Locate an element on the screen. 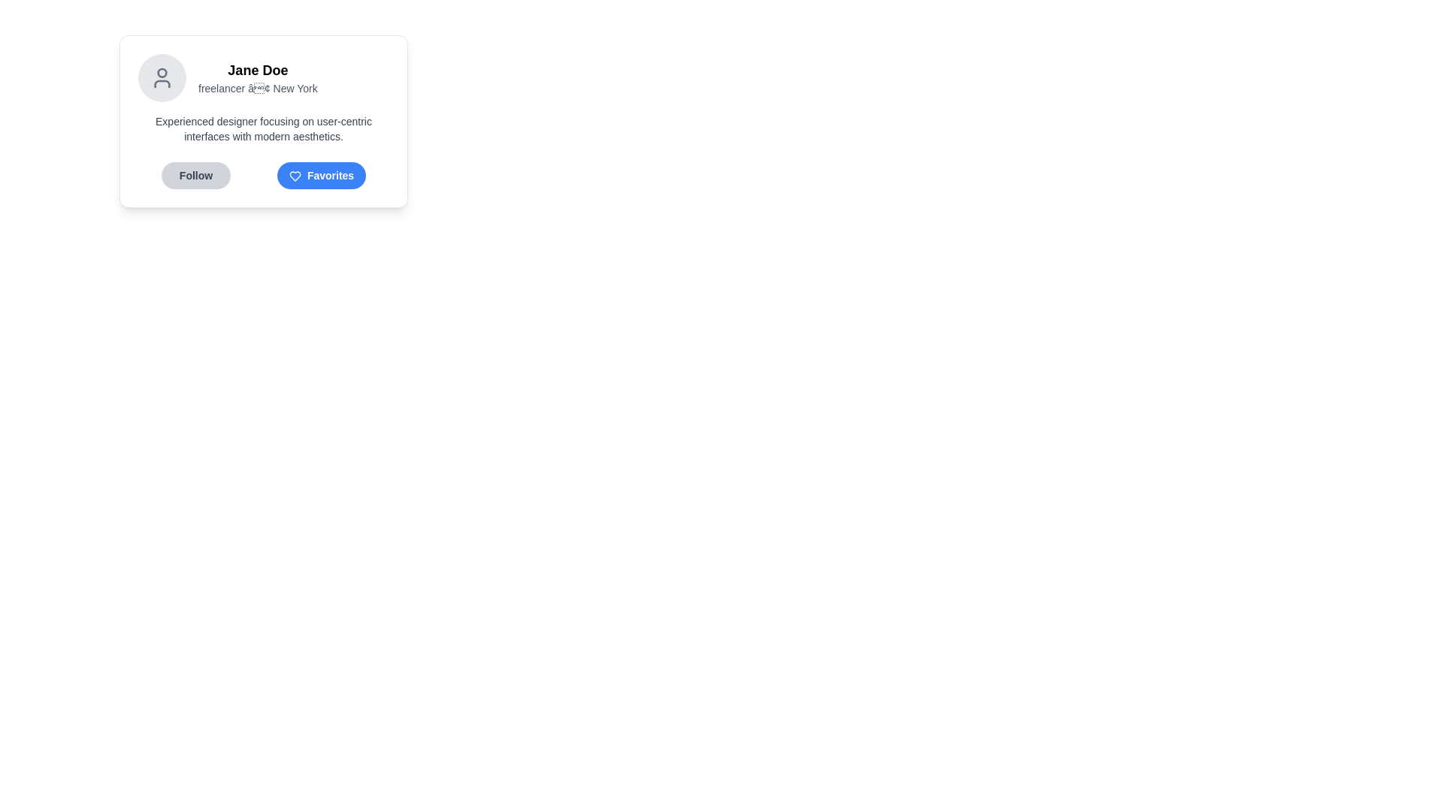  the circular graphical component representing the head within the user profile icon, which is centrally positioned in the upper part of the icon is located at coordinates (162, 72).